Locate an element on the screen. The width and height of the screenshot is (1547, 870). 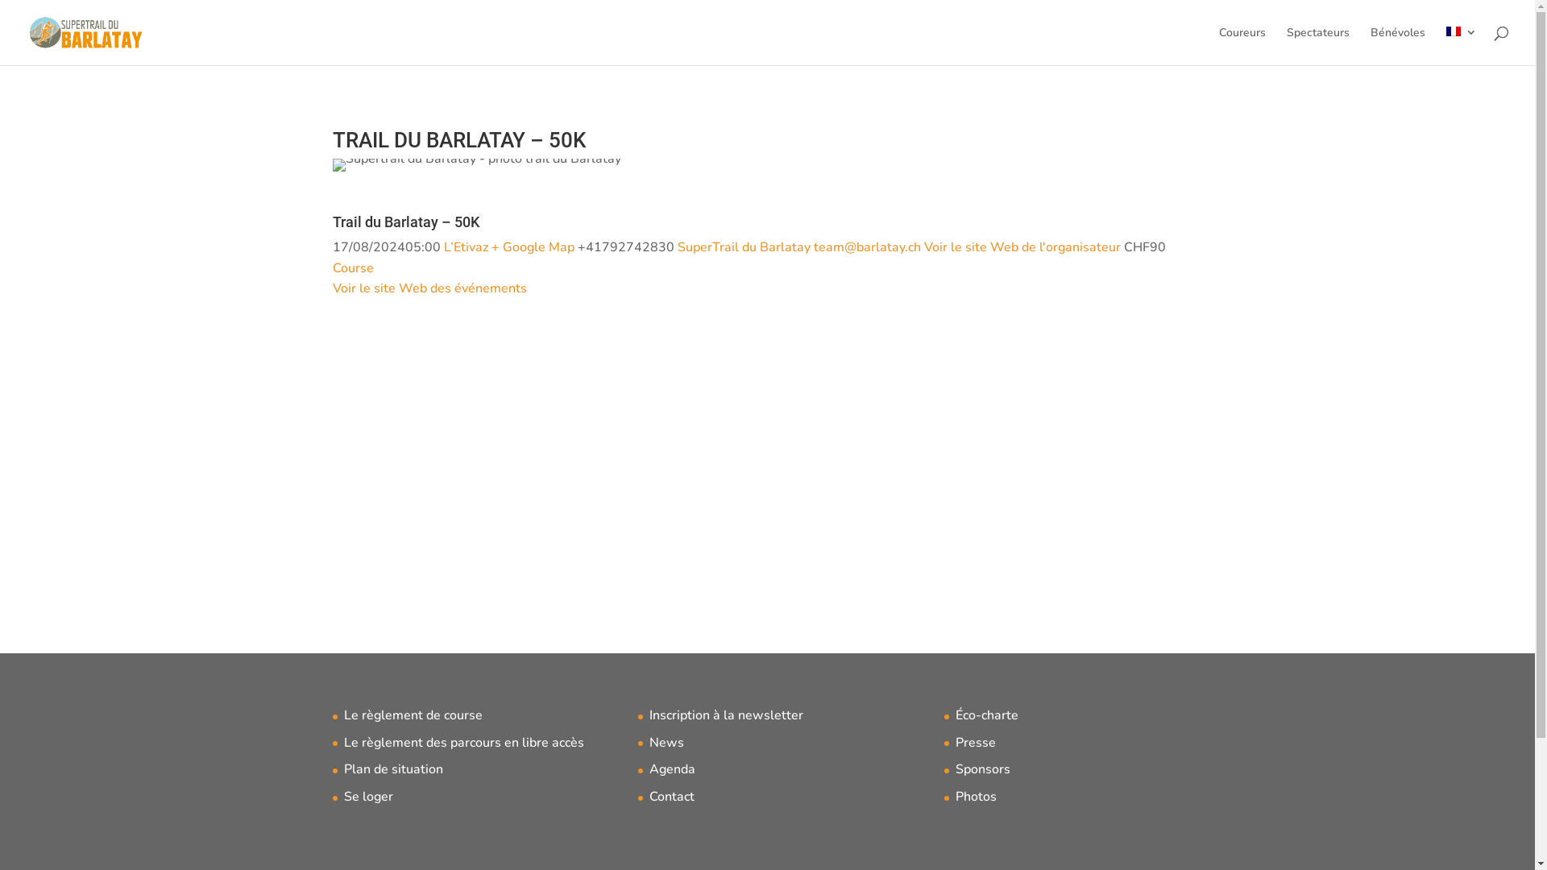
'Plan de situation' is located at coordinates (392, 768).